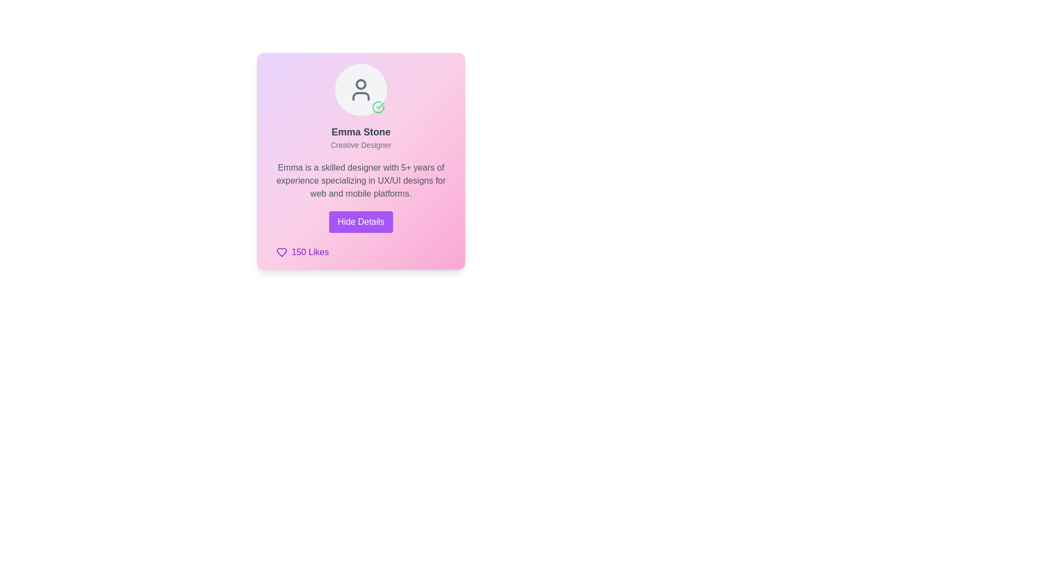 This screenshot has width=1041, height=585. I want to click on the text label that serves as a subheading for the profession or role associated with the profile displayed, located directly below the 'Emma Stone' text label, so click(361, 144).